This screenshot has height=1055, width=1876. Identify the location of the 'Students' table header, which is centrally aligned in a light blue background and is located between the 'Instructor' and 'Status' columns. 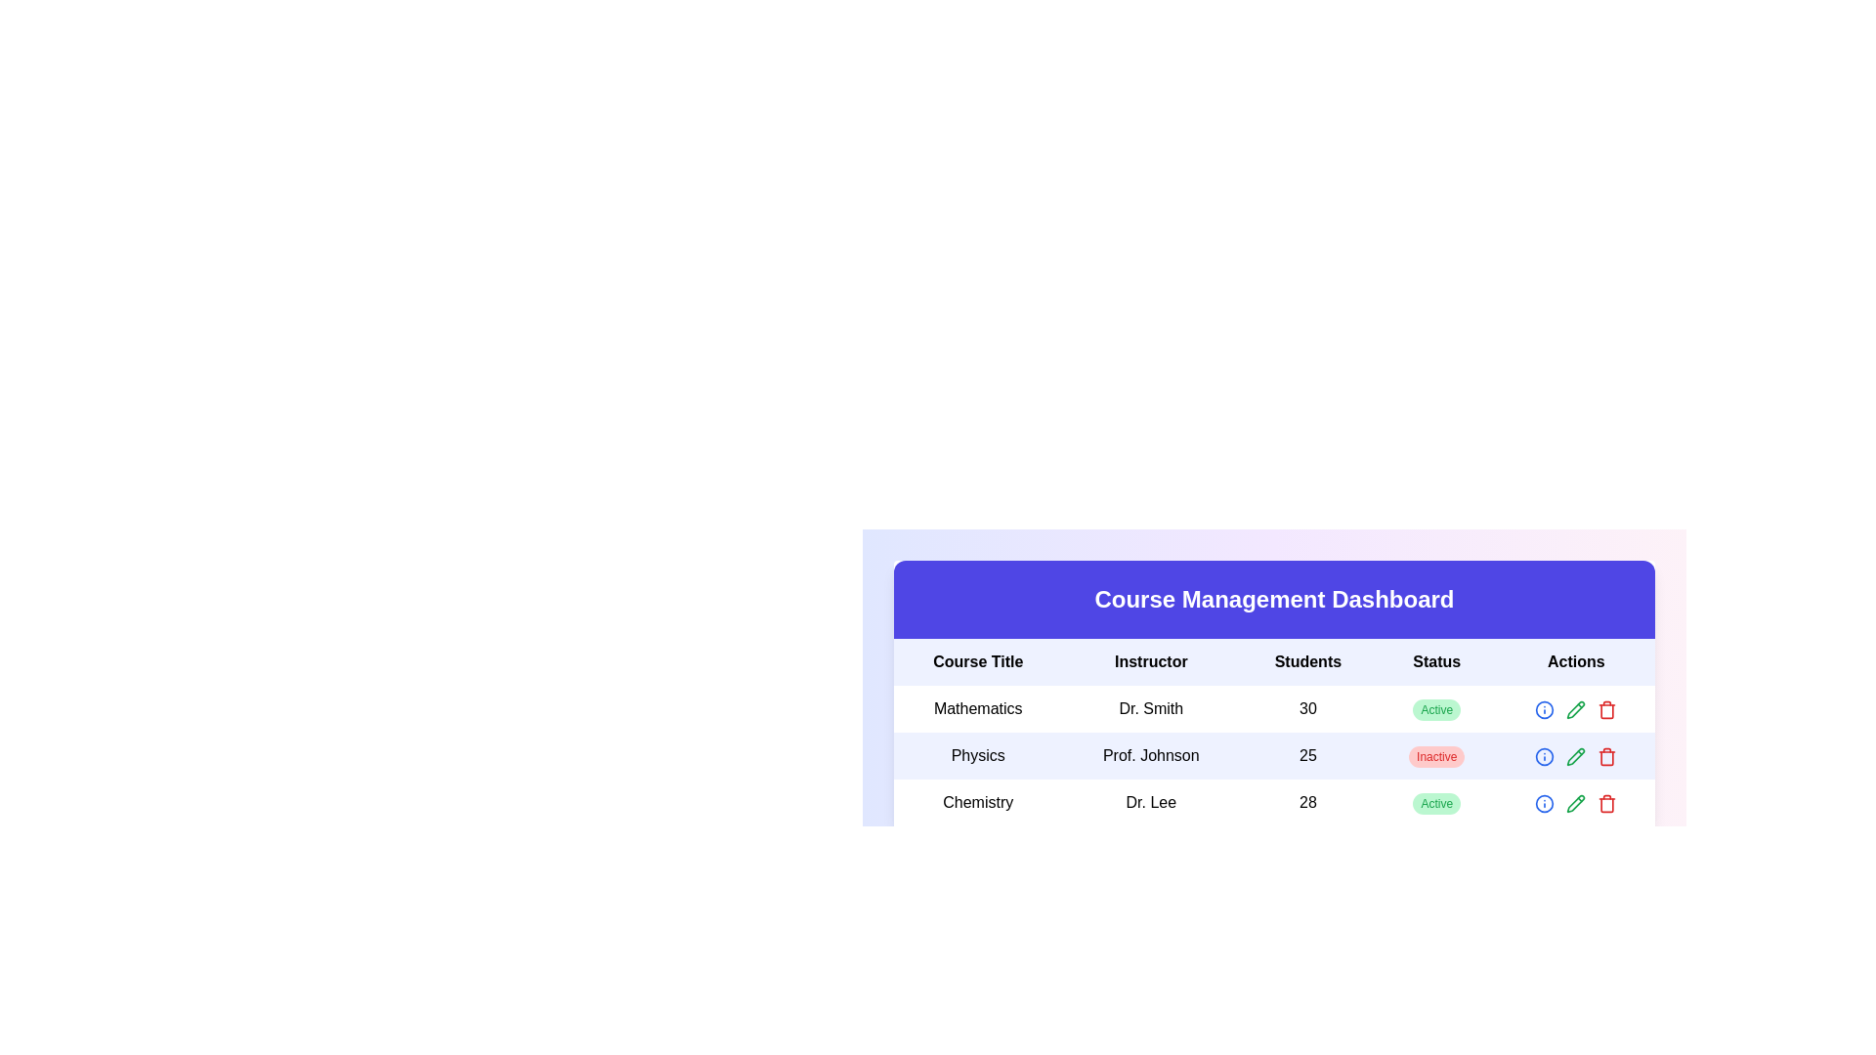
(1274, 661).